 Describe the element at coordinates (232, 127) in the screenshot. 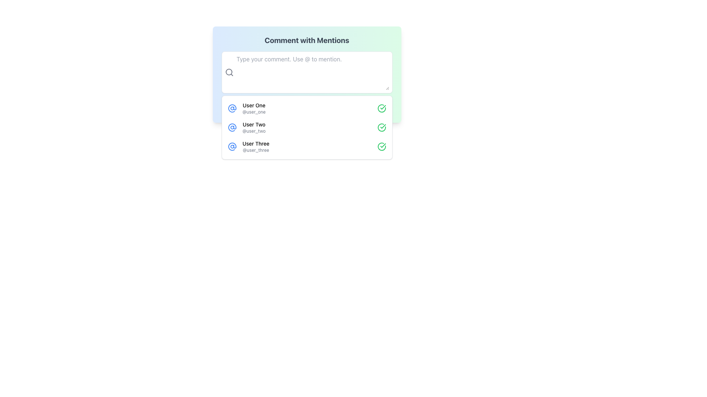

I see `the '@' icon associated with 'User Two' in the user list` at that location.